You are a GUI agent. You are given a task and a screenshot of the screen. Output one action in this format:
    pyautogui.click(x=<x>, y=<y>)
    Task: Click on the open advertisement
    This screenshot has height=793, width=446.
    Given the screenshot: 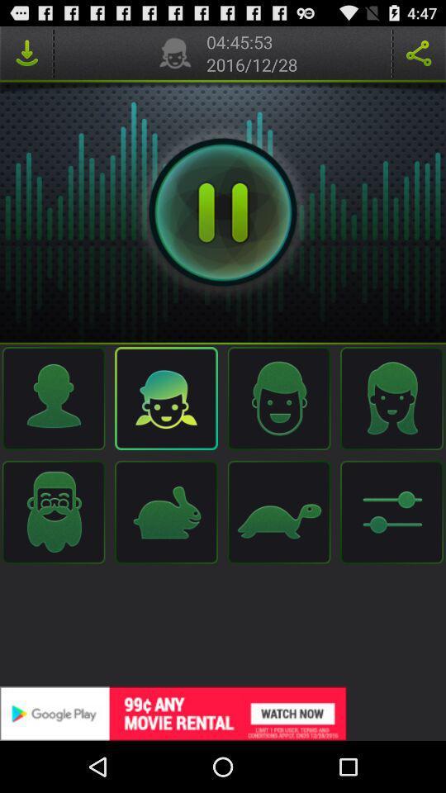 What is the action you would take?
    pyautogui.click(x=223, y=713)
    